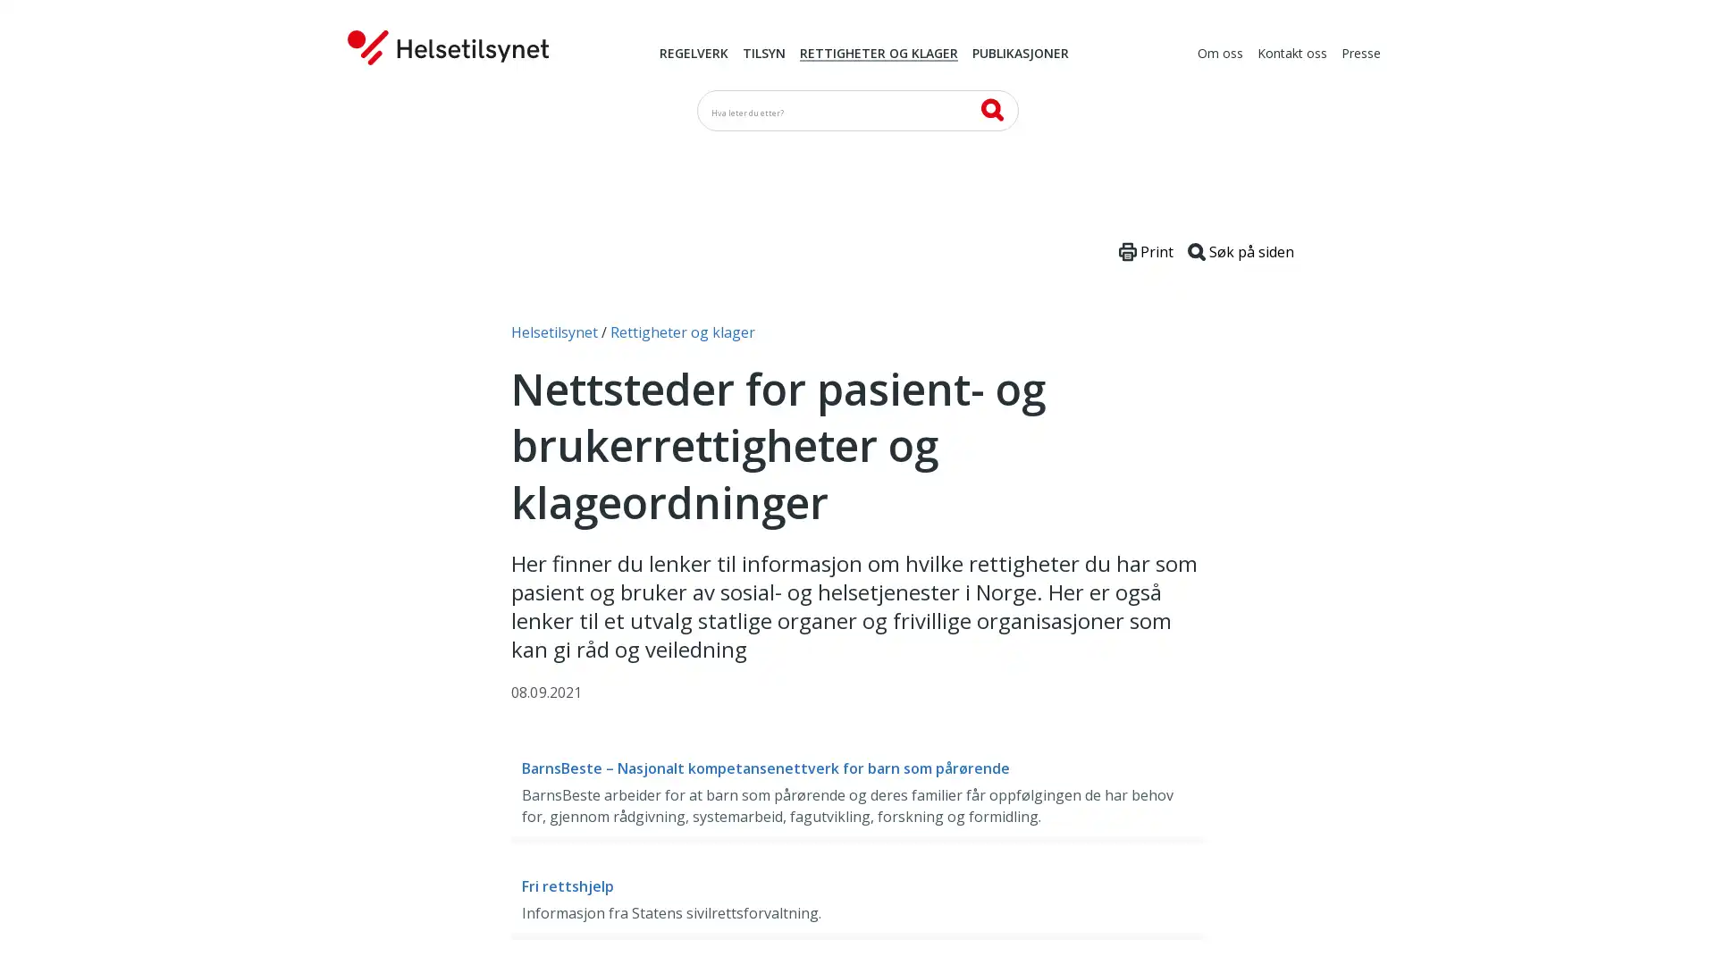 The width and height of the screenshot is (1716, 965). What do you see at coordinates (1146, 251) in the screenshot?
I see `Print` at bounding box center [1146, 251].